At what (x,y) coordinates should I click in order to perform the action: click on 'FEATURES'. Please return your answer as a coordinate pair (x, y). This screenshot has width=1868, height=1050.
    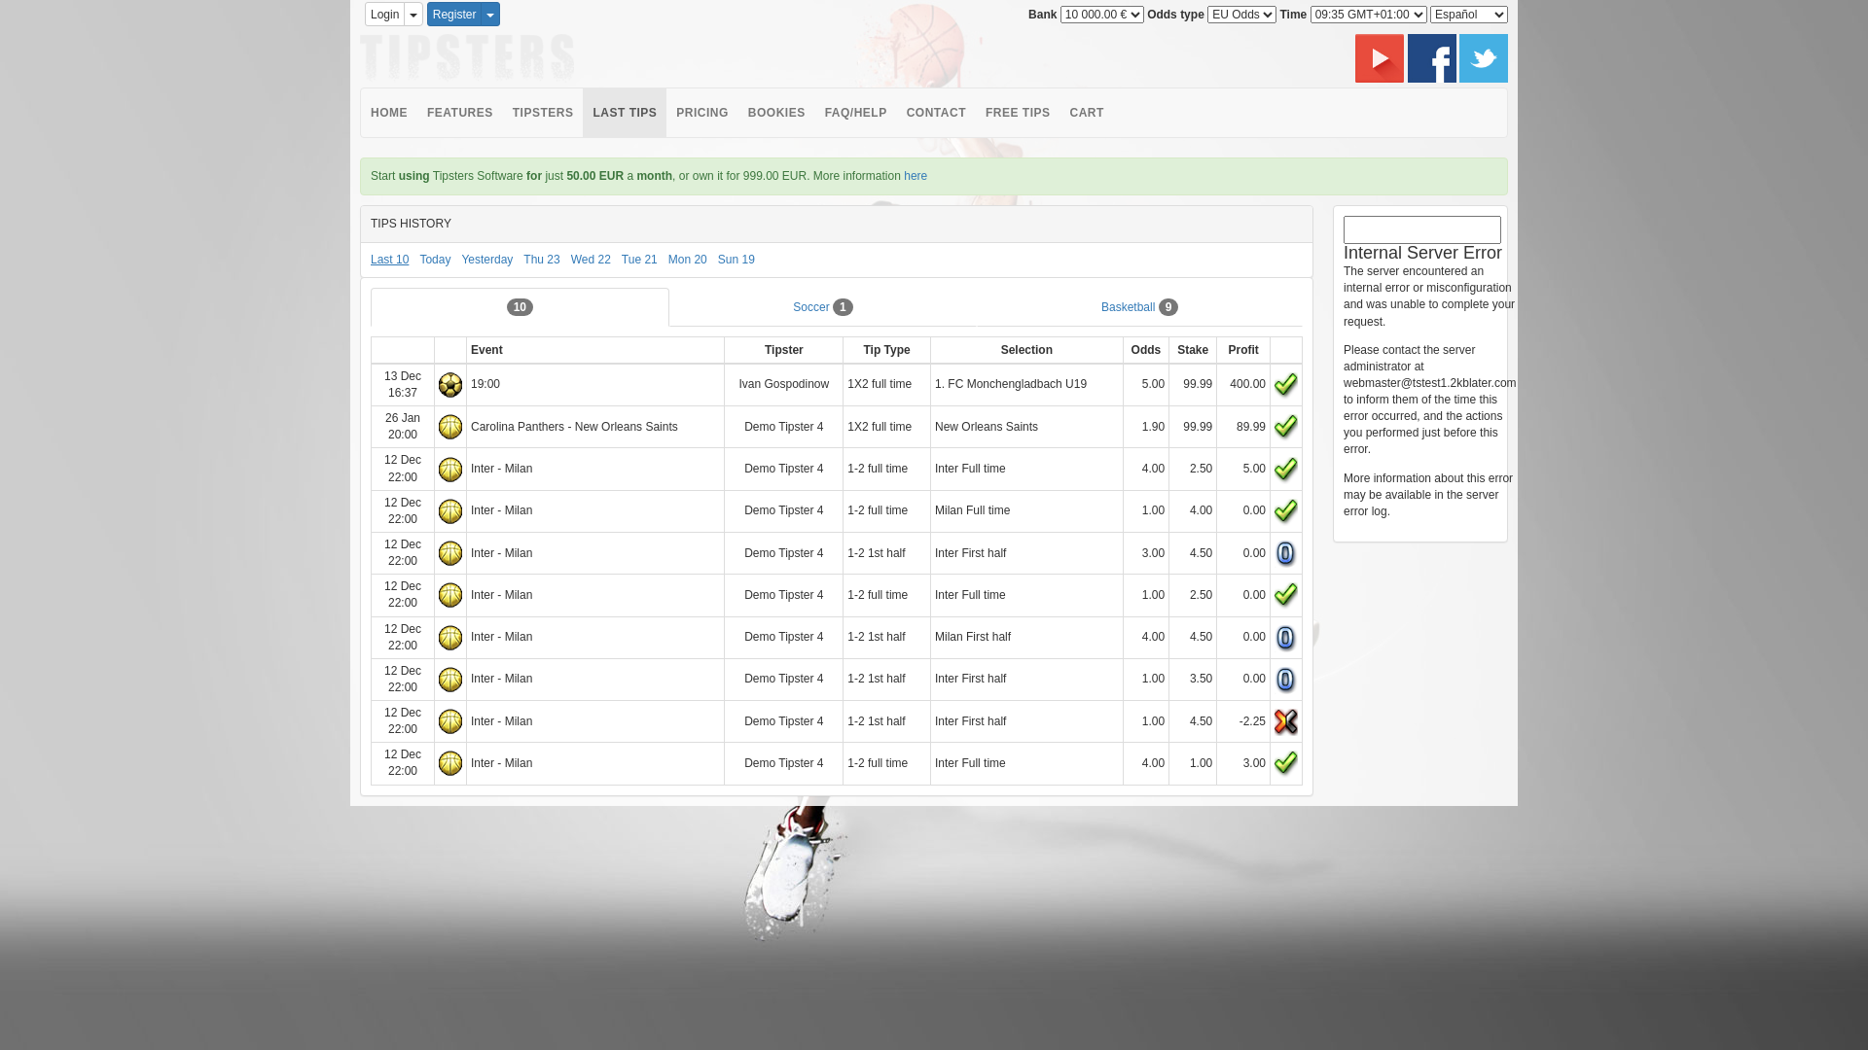
    Looking at the image, I should click on (459, 112).